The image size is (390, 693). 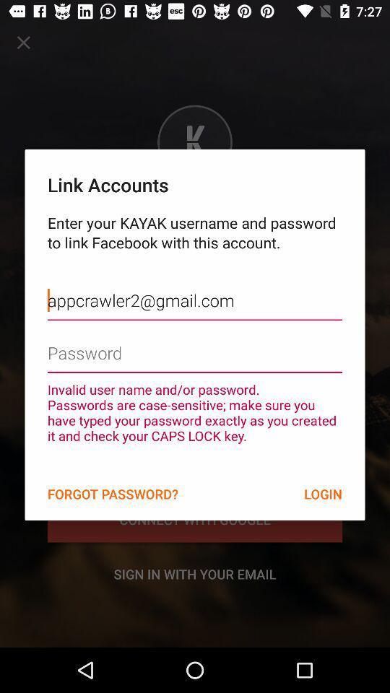 I want to click on the forgot password? item, so click(x=112, y=494).